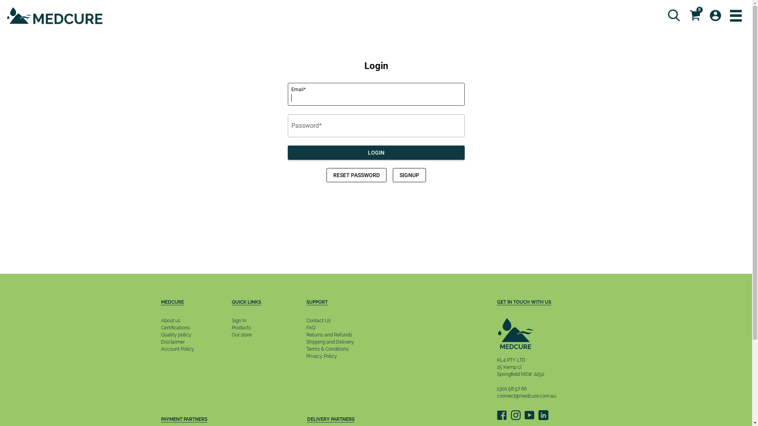  Describe the element at coordinates (310, 327) in the screenshot. I see `'FAQ'` at that location.